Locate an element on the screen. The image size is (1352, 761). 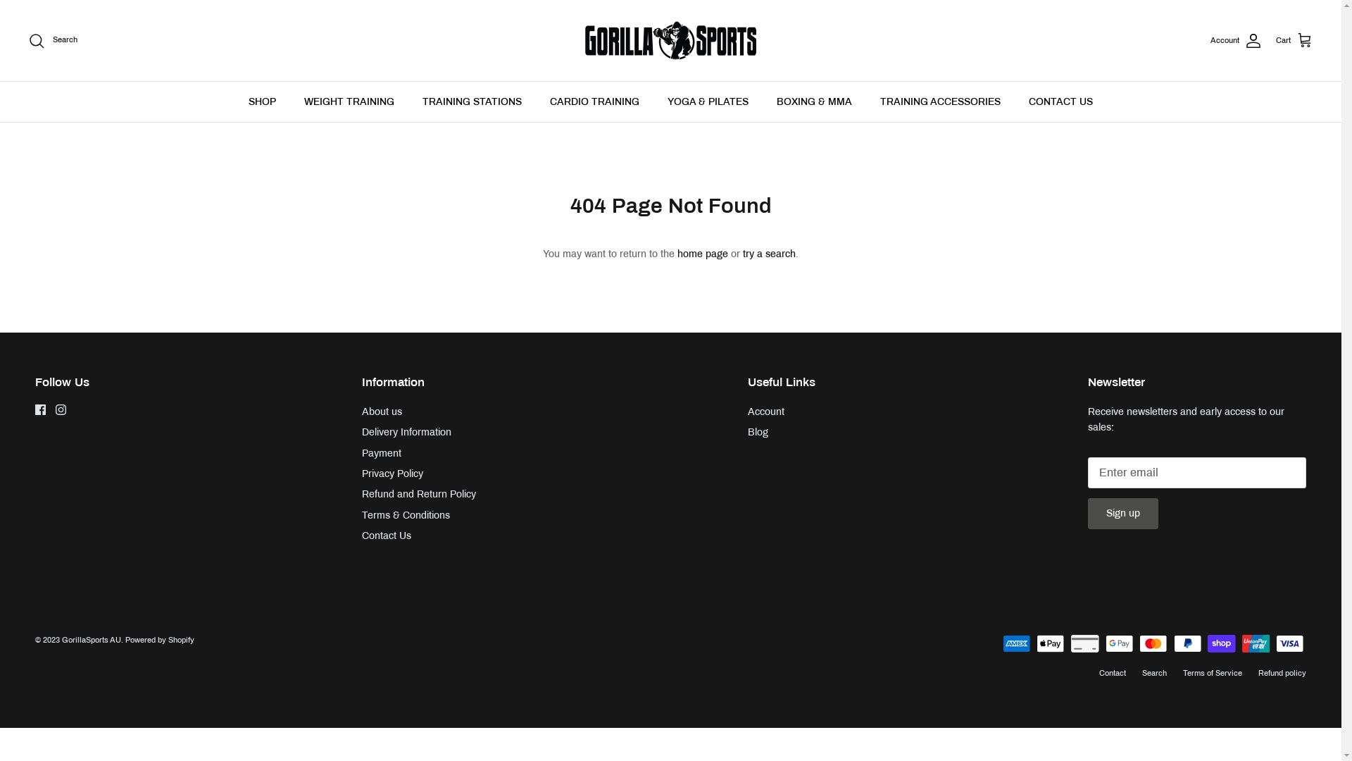
'Payment' is located at coordinates (382, 453).